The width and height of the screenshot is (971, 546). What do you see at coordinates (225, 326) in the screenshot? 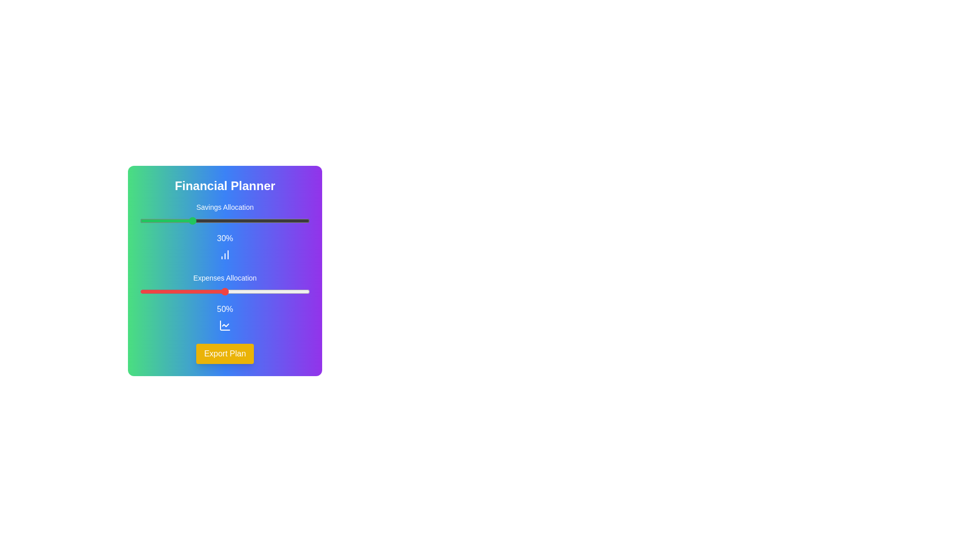
I see `the graphical representation of financial data located in the lower section of the 'Financial Planner' widget, just above the text indicating '50%'` at bounding box center [225, 326].